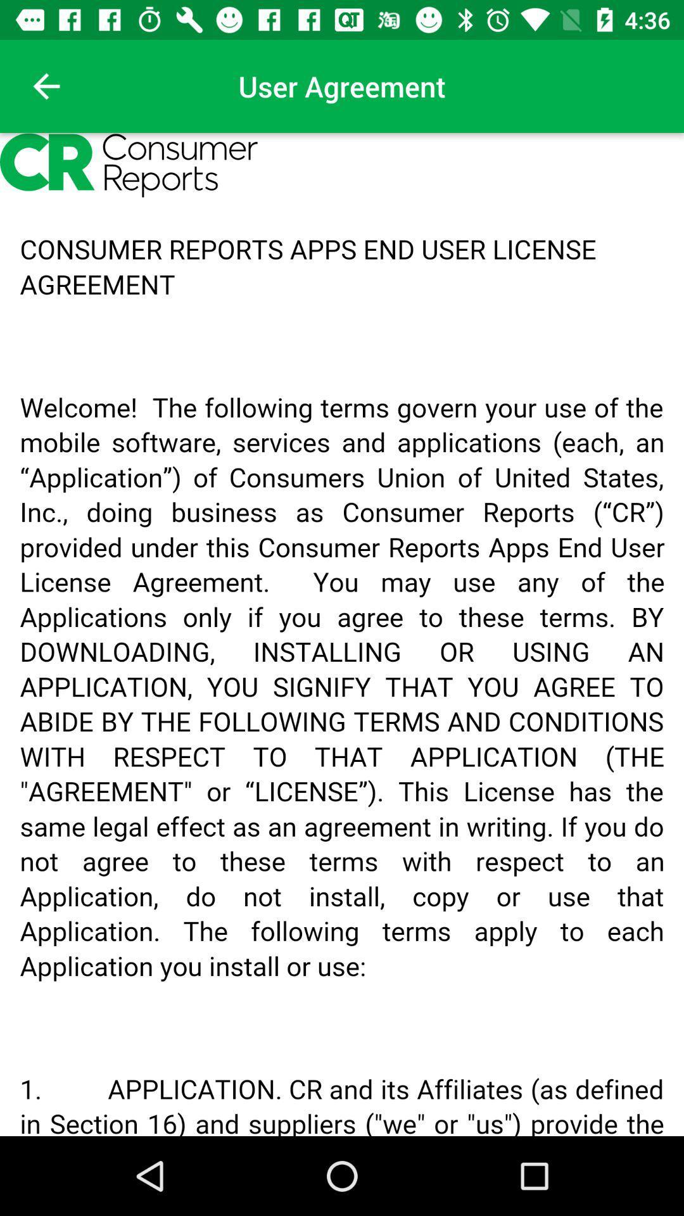  What do you see at coordinates (46, 85) in the screenshot?
I see `front page` at bounding box center [46, 85].